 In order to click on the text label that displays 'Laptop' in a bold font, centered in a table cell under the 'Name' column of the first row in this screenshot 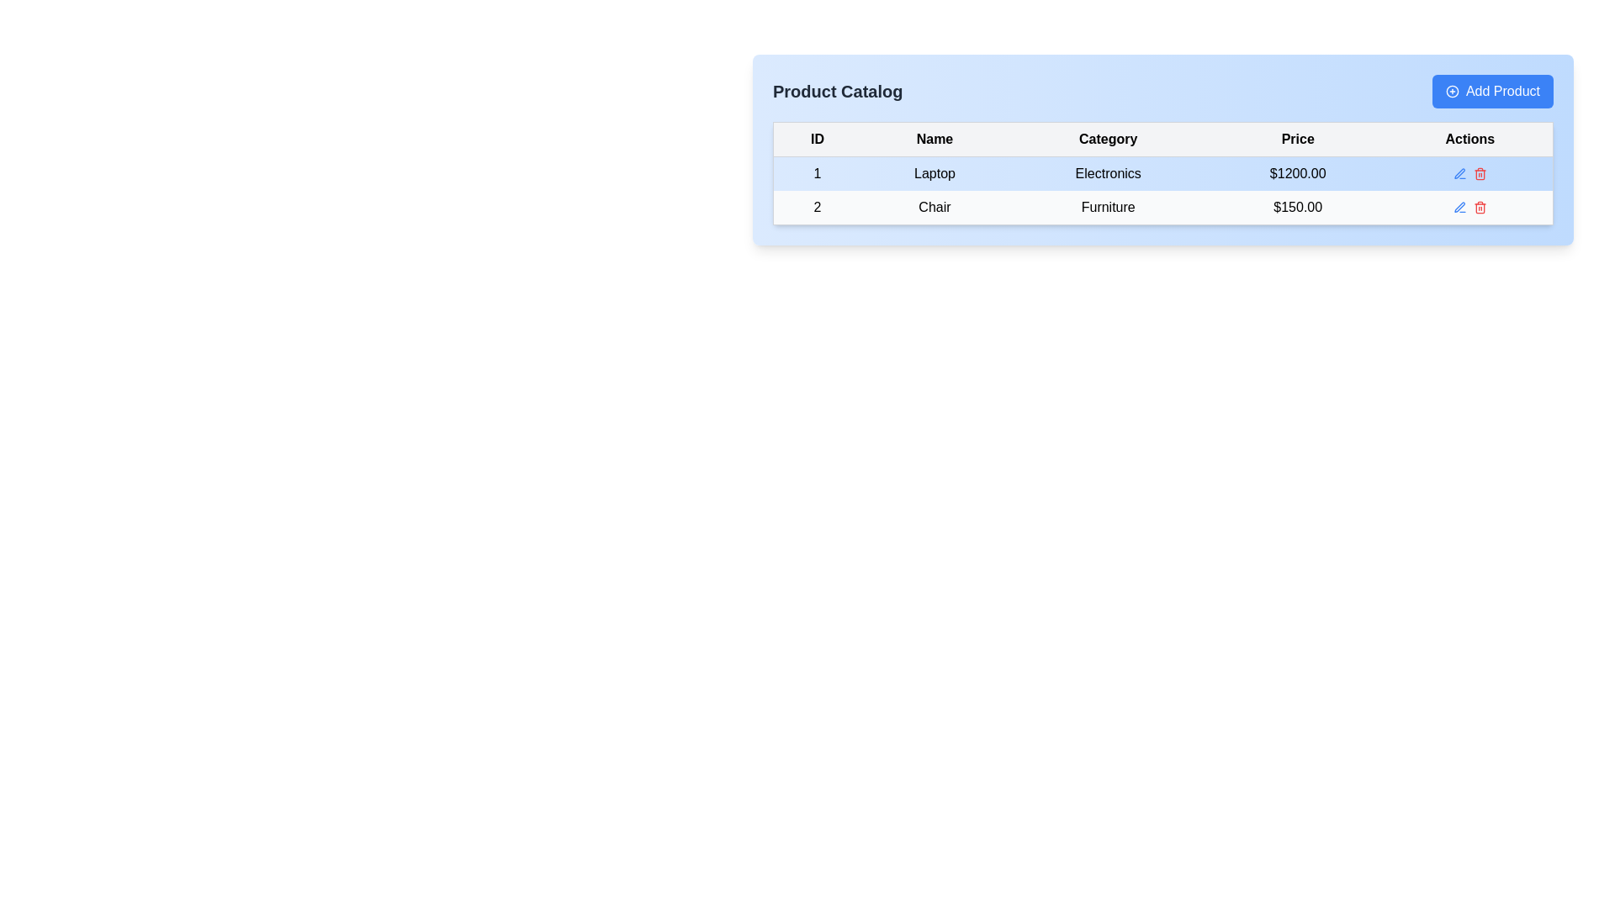, I will do `click(934, 173)`.